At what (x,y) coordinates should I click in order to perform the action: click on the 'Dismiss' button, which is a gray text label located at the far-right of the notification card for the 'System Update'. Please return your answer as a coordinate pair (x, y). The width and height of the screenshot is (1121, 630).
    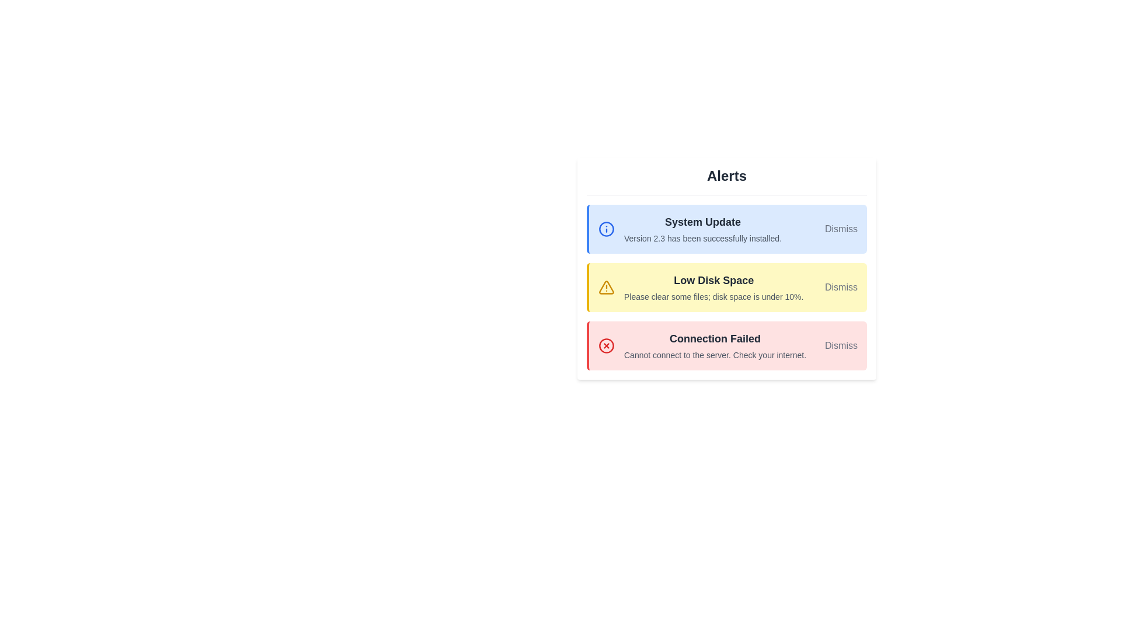
    Looking at the image, I should click on (841, 229).